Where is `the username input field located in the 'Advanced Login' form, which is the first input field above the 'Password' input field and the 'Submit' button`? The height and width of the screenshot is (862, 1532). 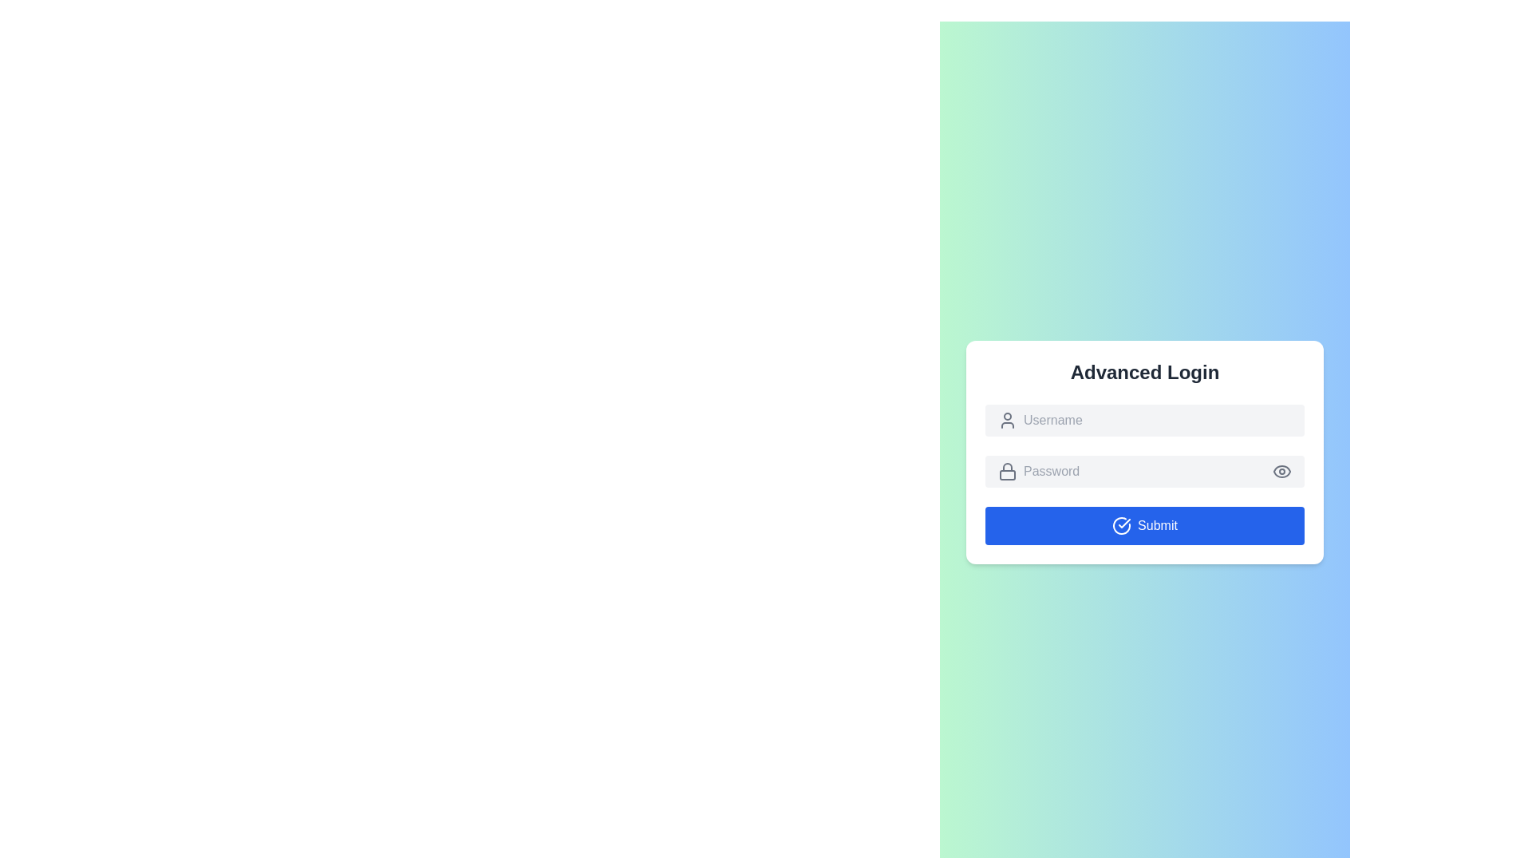 the username input field located in the 'Advanced Login' form, which is the first input field above the 'Password' input field and the 'Submit' button is located at coordinates (1144, 420).